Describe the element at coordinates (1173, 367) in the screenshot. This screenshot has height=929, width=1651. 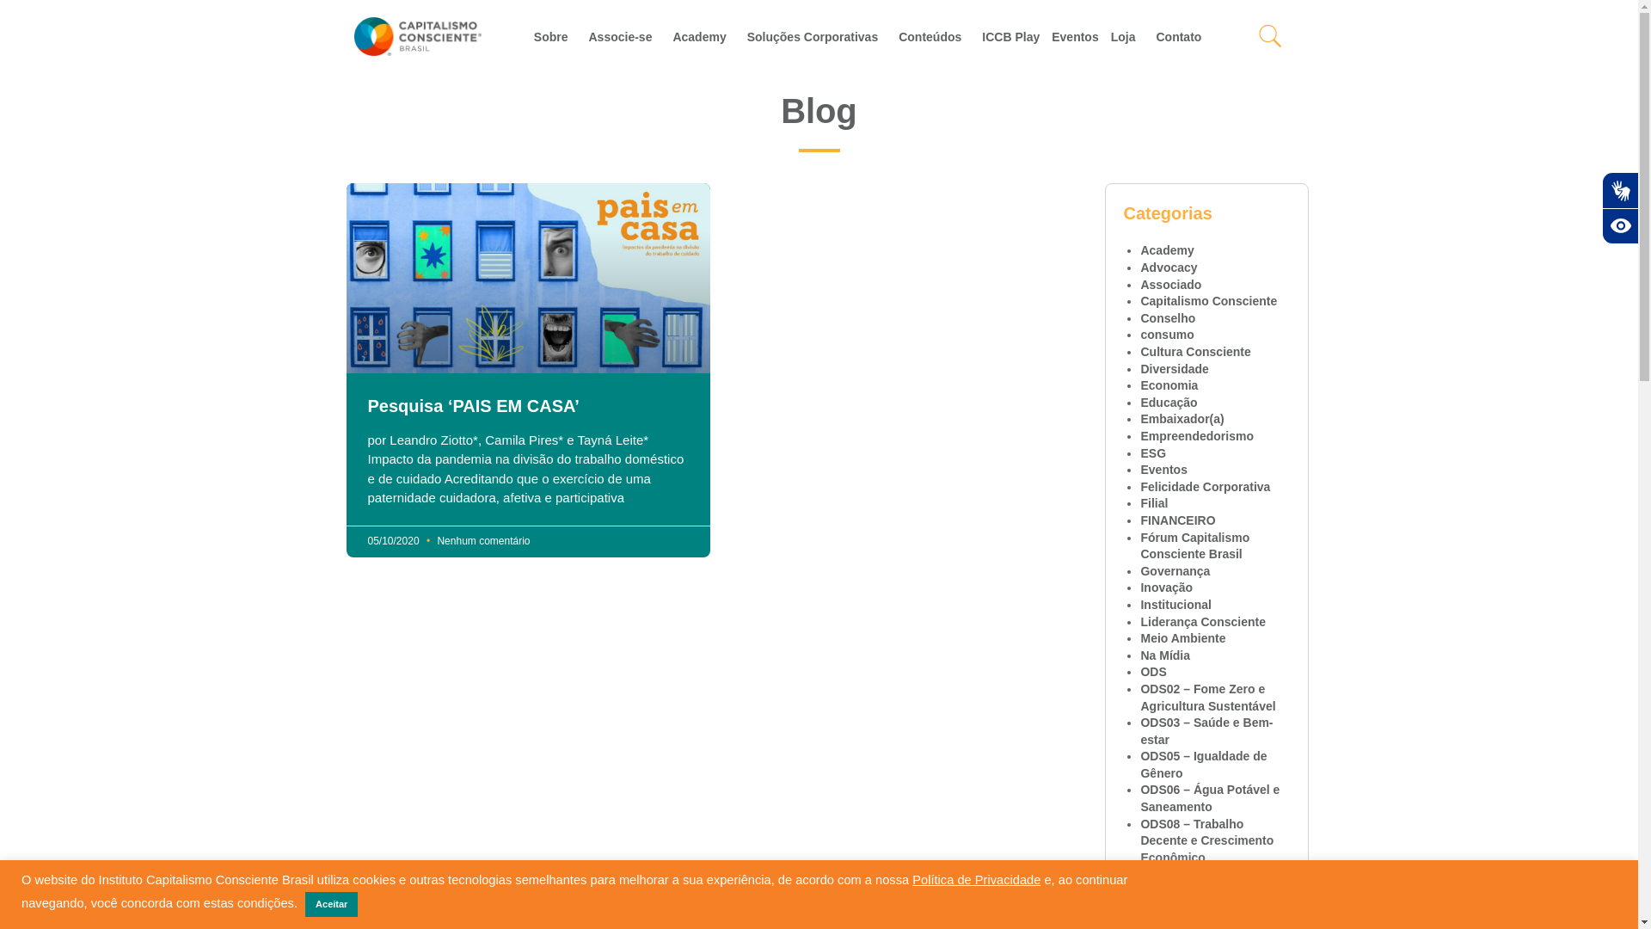
I see `'Diversidade'` at that location.